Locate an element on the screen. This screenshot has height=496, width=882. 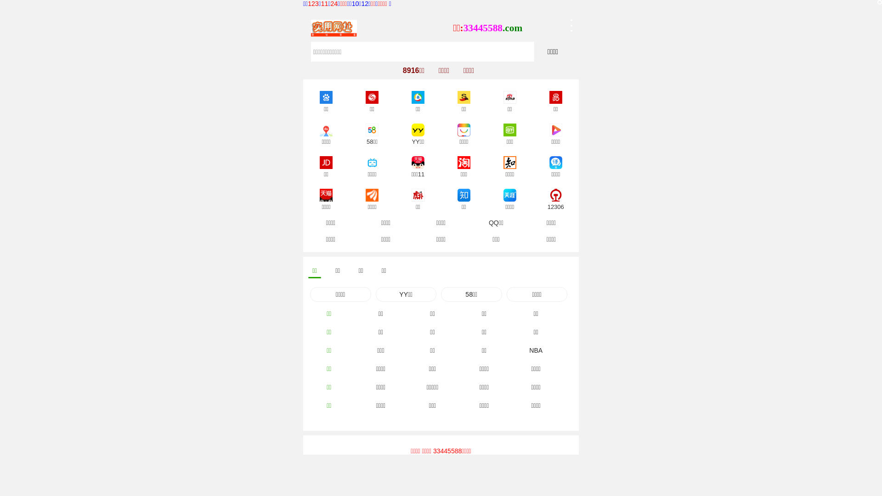
'12306' is located at coordinates (555, 193).